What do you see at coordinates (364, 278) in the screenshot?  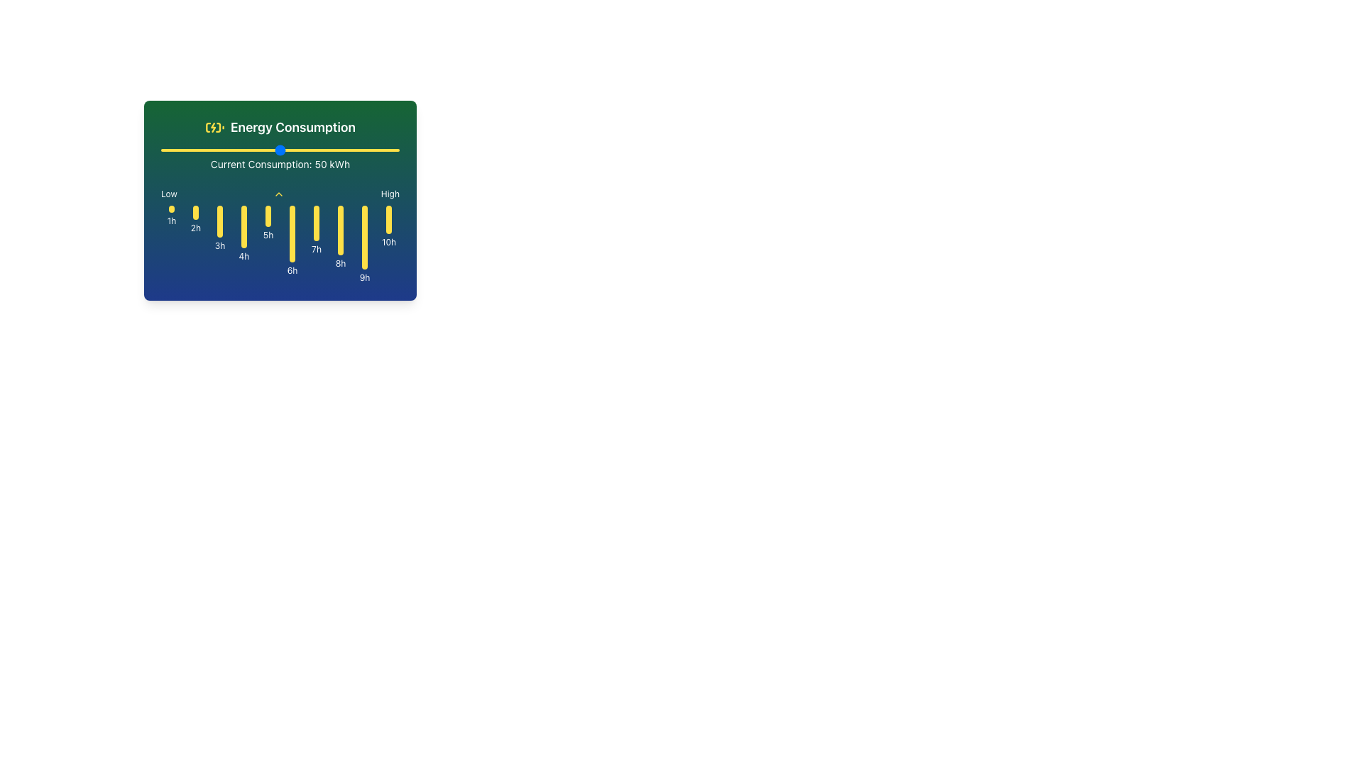 I see `the Text Label displaying '9h' in white on a dark blue background, located in the bottom-right region of the card-shaped interface, which is below a yellow vertical bar` at bounding box center [364, 278].